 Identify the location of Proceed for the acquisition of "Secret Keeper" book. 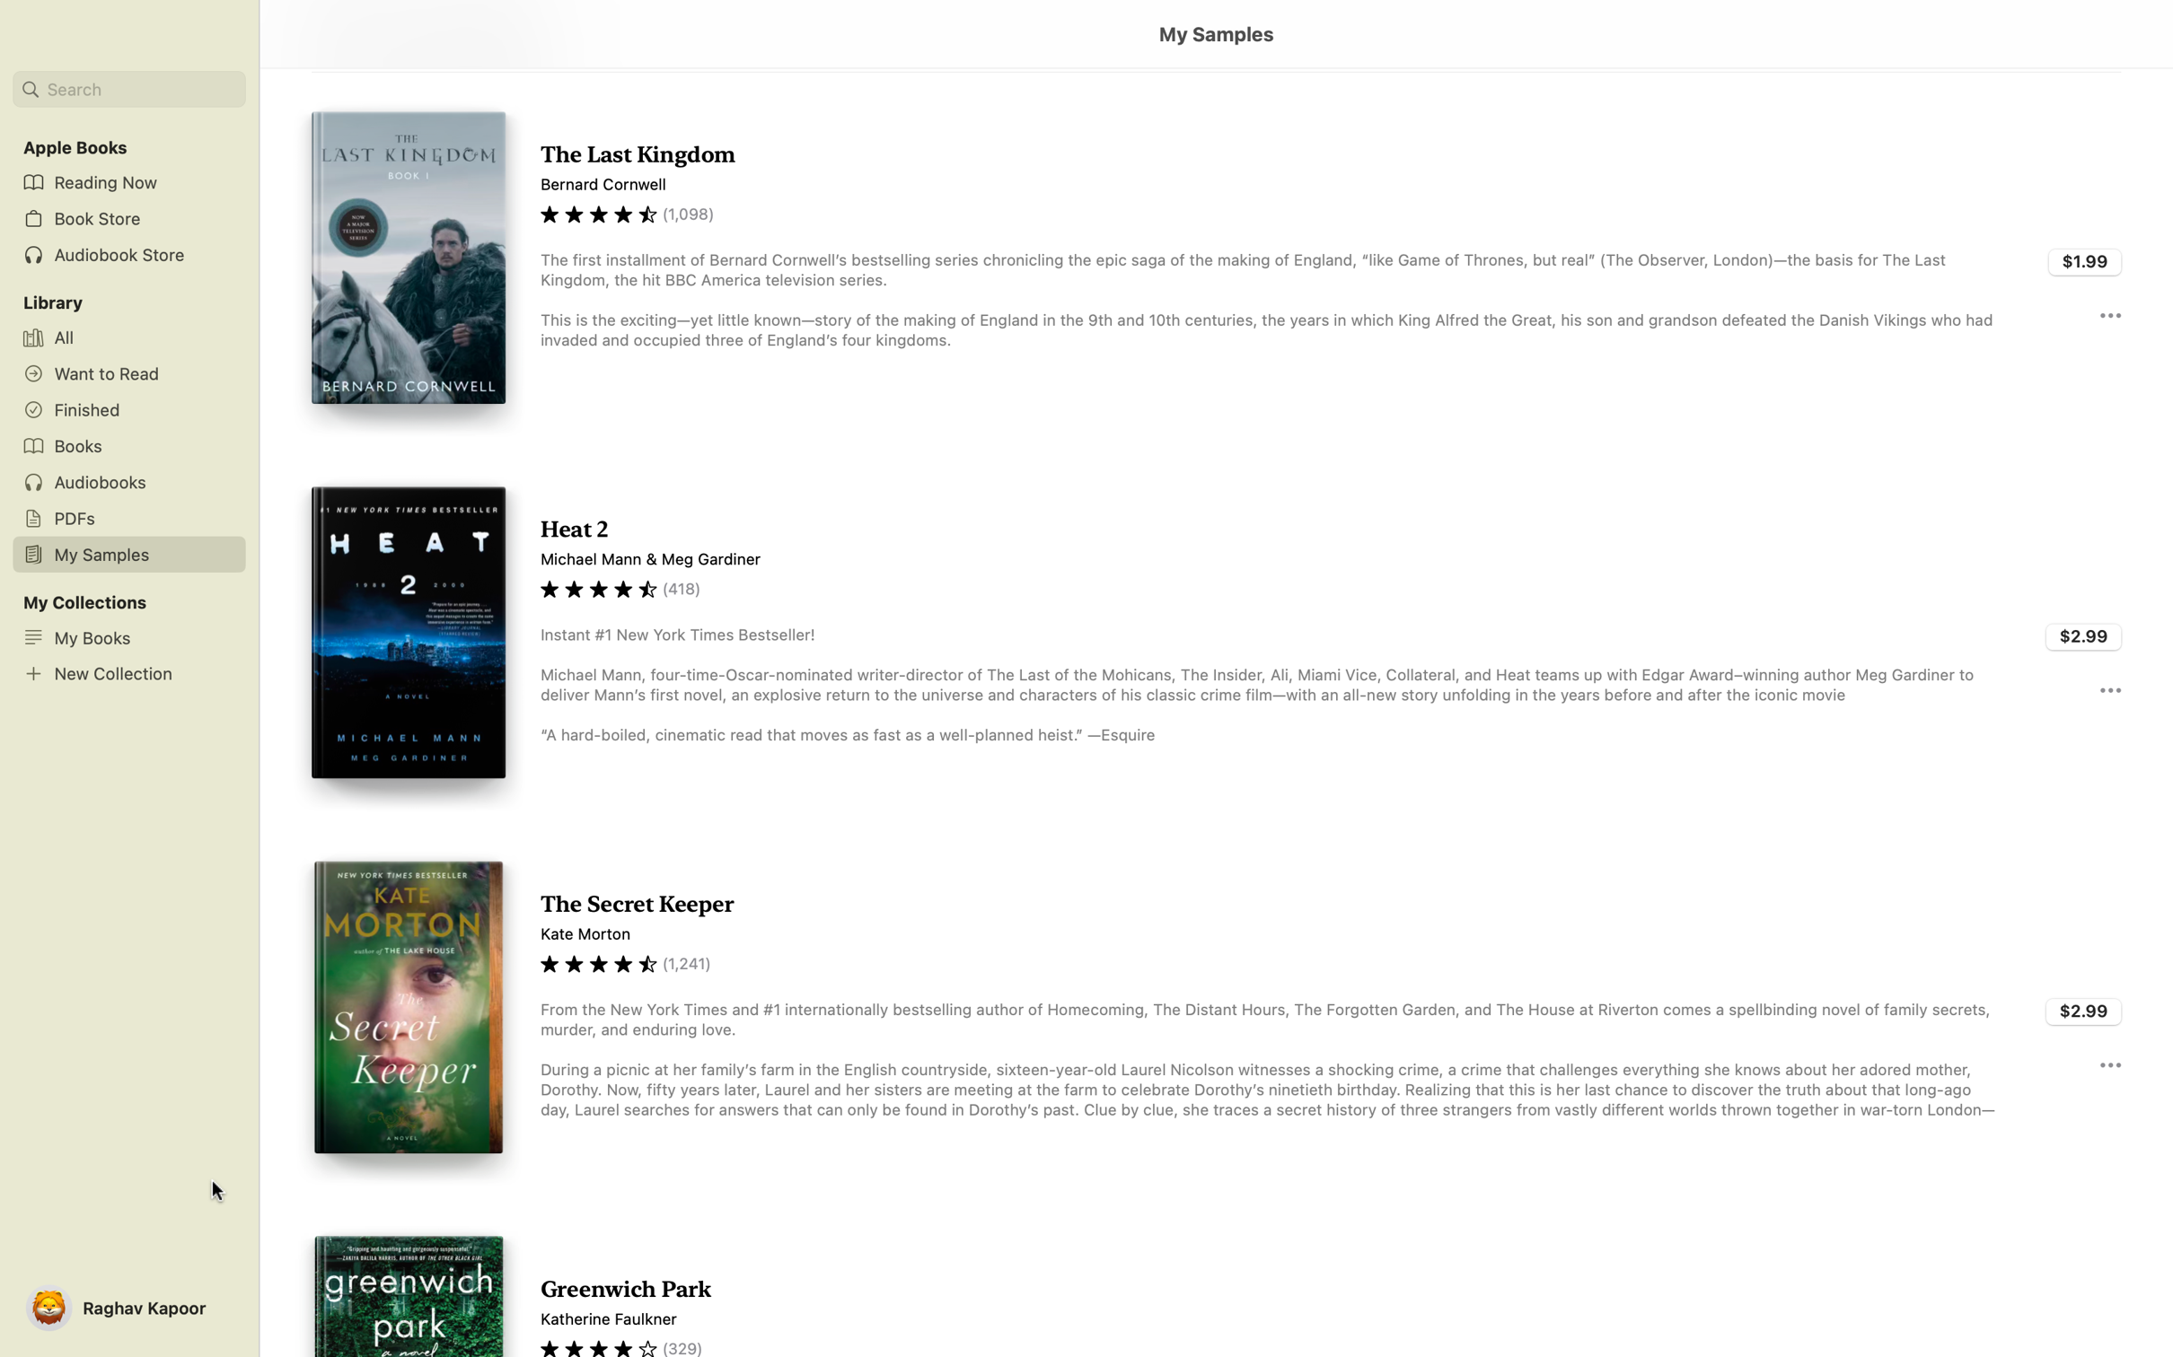
(2084, 1008).